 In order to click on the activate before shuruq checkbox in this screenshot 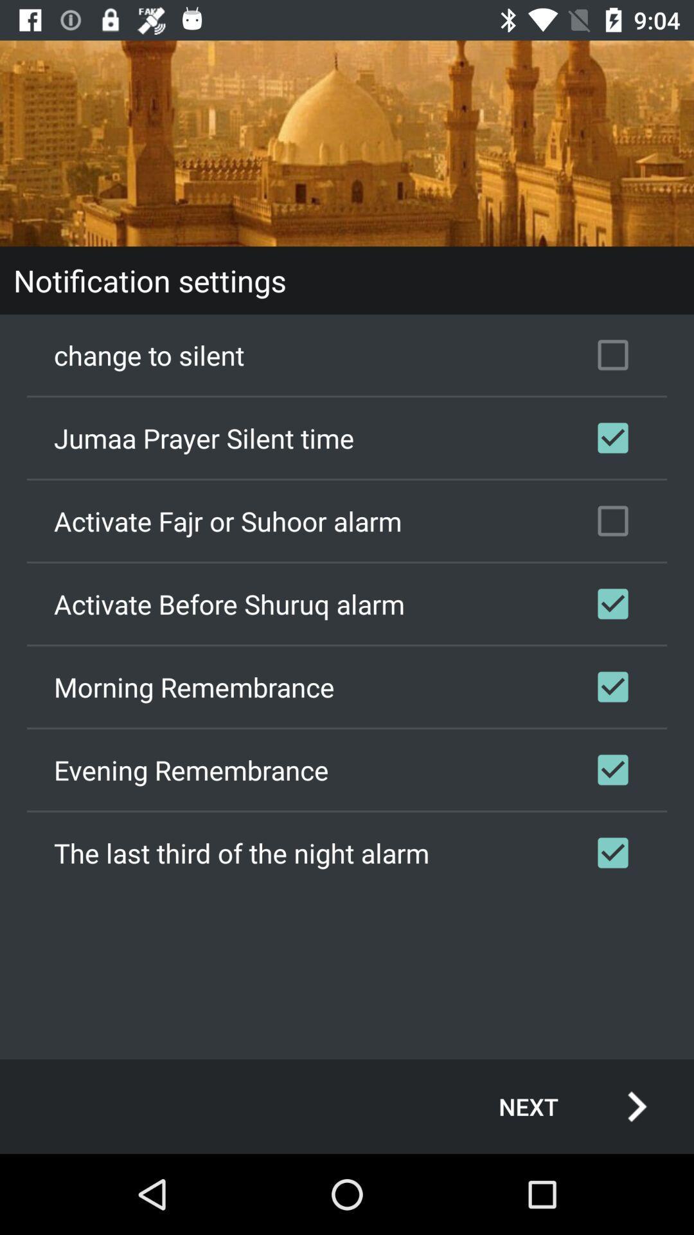, I will do `click(347, 603)`.